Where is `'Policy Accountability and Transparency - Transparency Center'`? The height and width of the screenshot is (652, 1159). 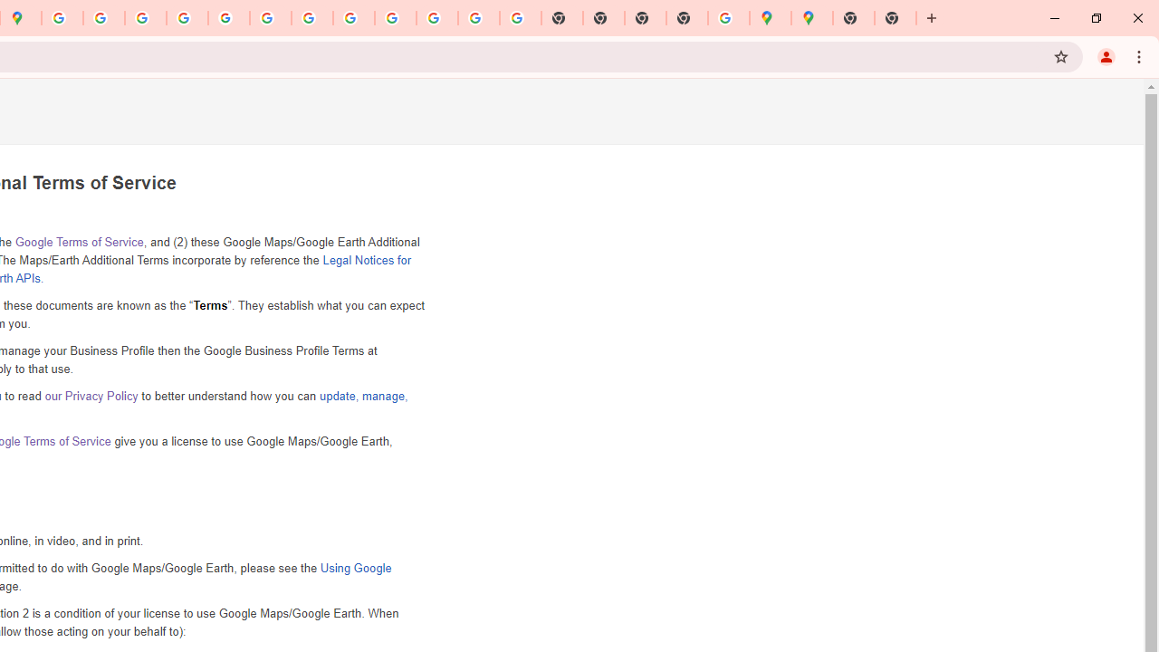 'Policy Accountability and Transparency - Transparency Center' is located at coordinates (62, 18).